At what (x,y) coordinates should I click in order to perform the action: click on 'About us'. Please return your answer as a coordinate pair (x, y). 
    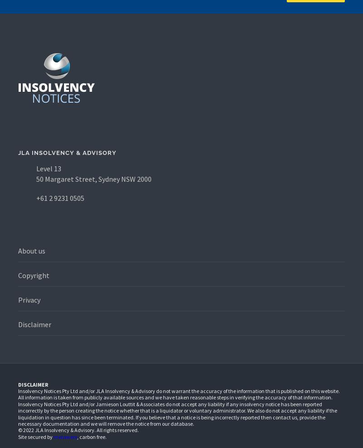
    Looking at the image, I should click on (32, 250).